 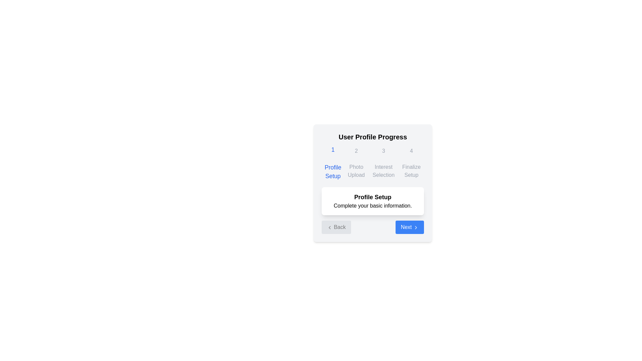 I want to click on the navigation button located at the bottom of the 'Profile Setup' card, so click(x=409, y=227).